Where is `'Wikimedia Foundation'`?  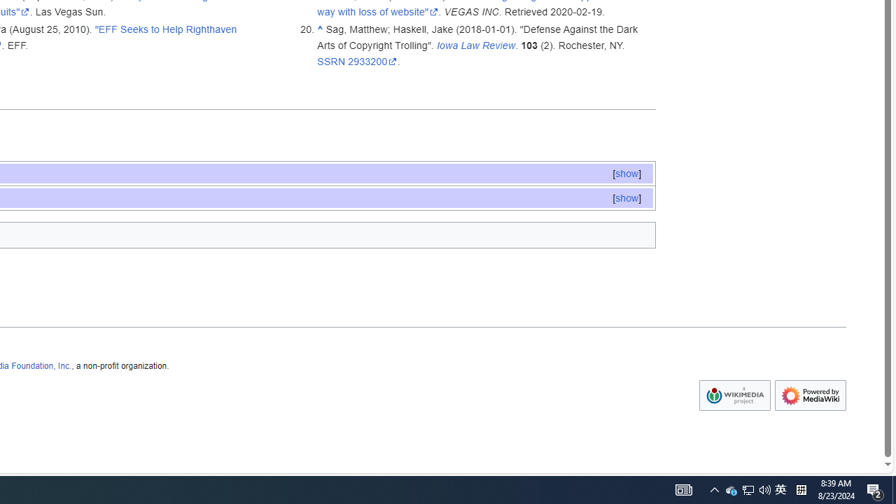
'Wikimedia Foundation' is located at coordinates (734, 395).